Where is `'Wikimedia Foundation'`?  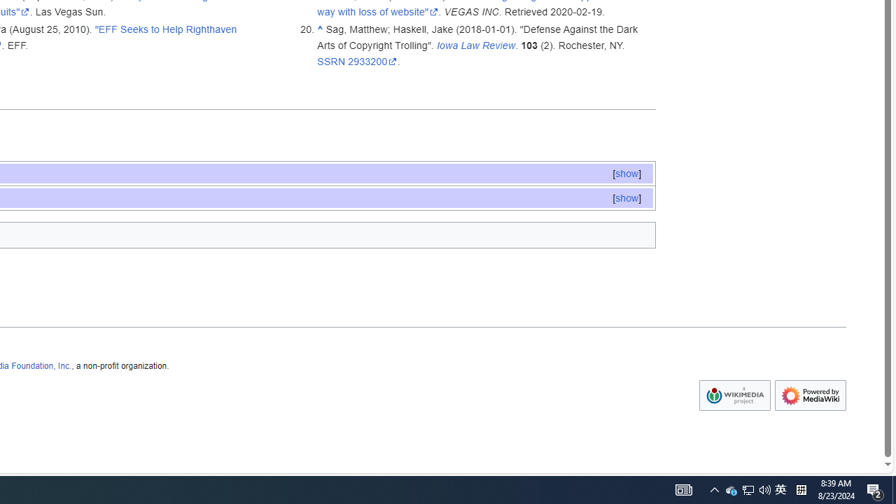
'Wikimedia Foundation' is located at coordinates (734, 395).